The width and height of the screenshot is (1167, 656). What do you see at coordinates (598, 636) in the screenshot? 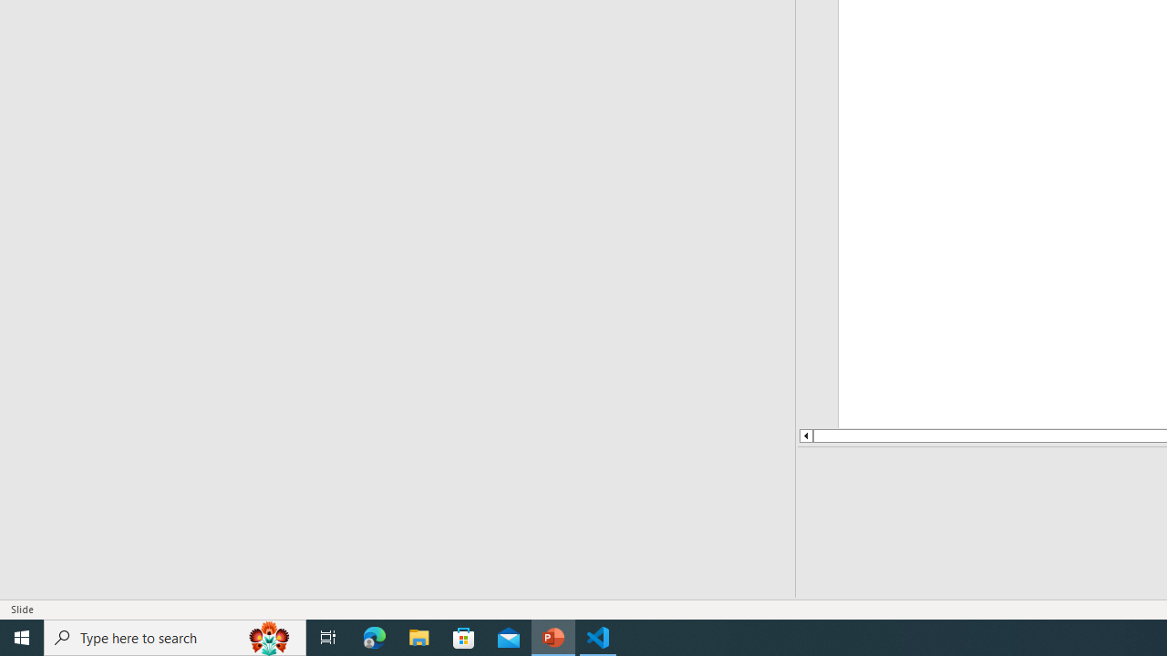
I see `'Visual Studio Code - 1 running window'` at bounding box center [598, 636].